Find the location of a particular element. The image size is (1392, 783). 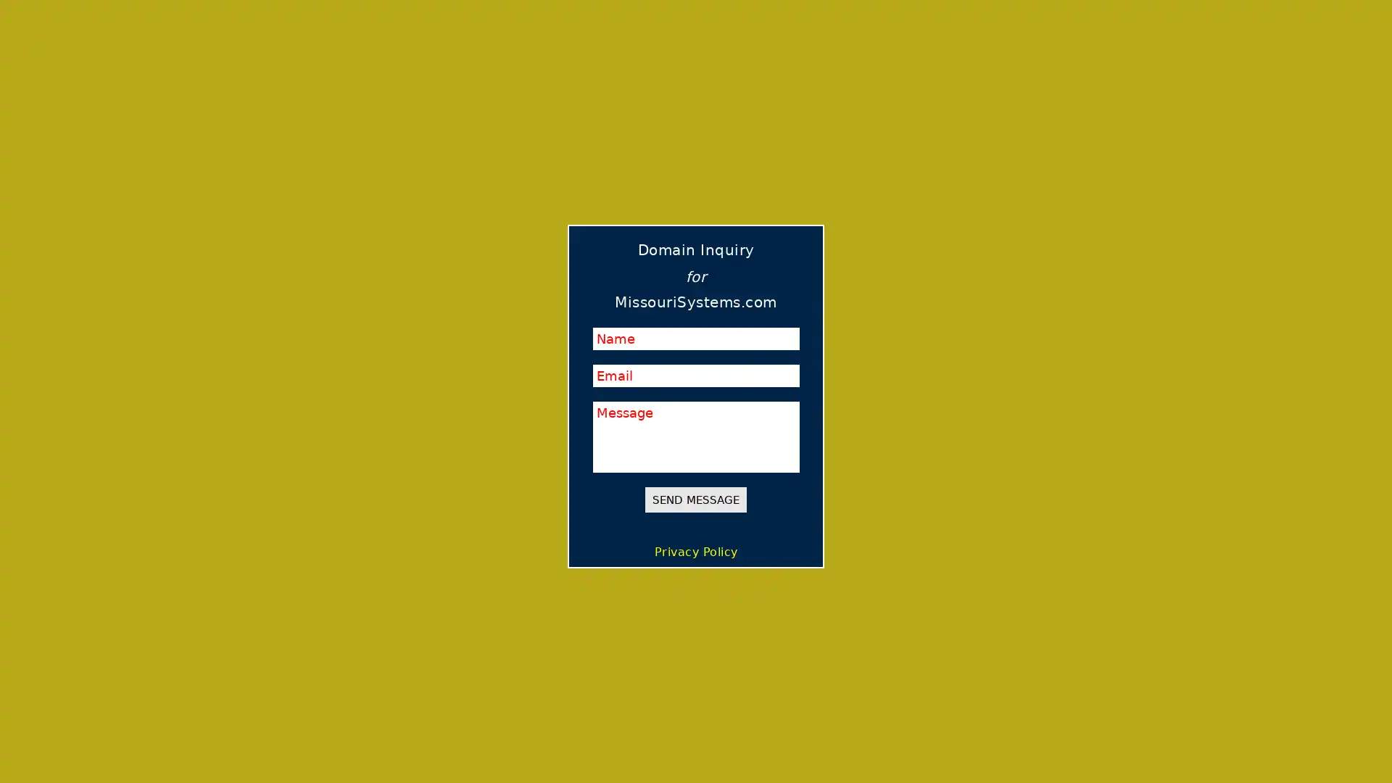

SEND MESSAGE is located at coordinates (696, 499).